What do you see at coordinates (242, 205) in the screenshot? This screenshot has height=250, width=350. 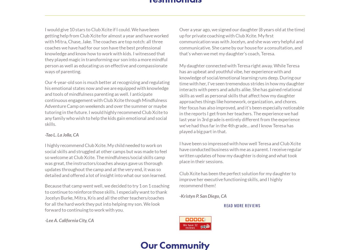 I see `'Read more reviews'` at bounding box center [242, 205].